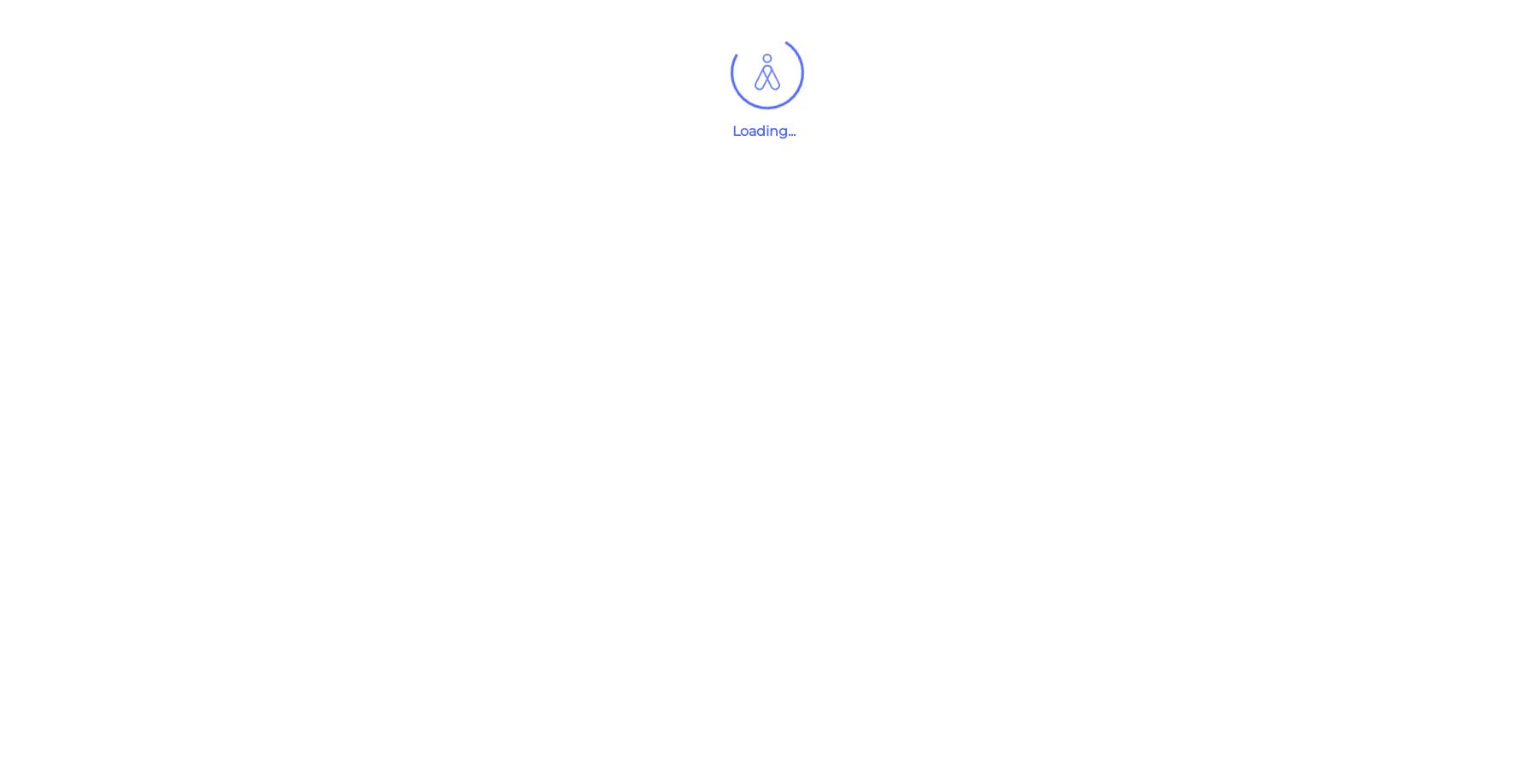  I want to click on '{{job.jobTitle}}', so click(766, 646).